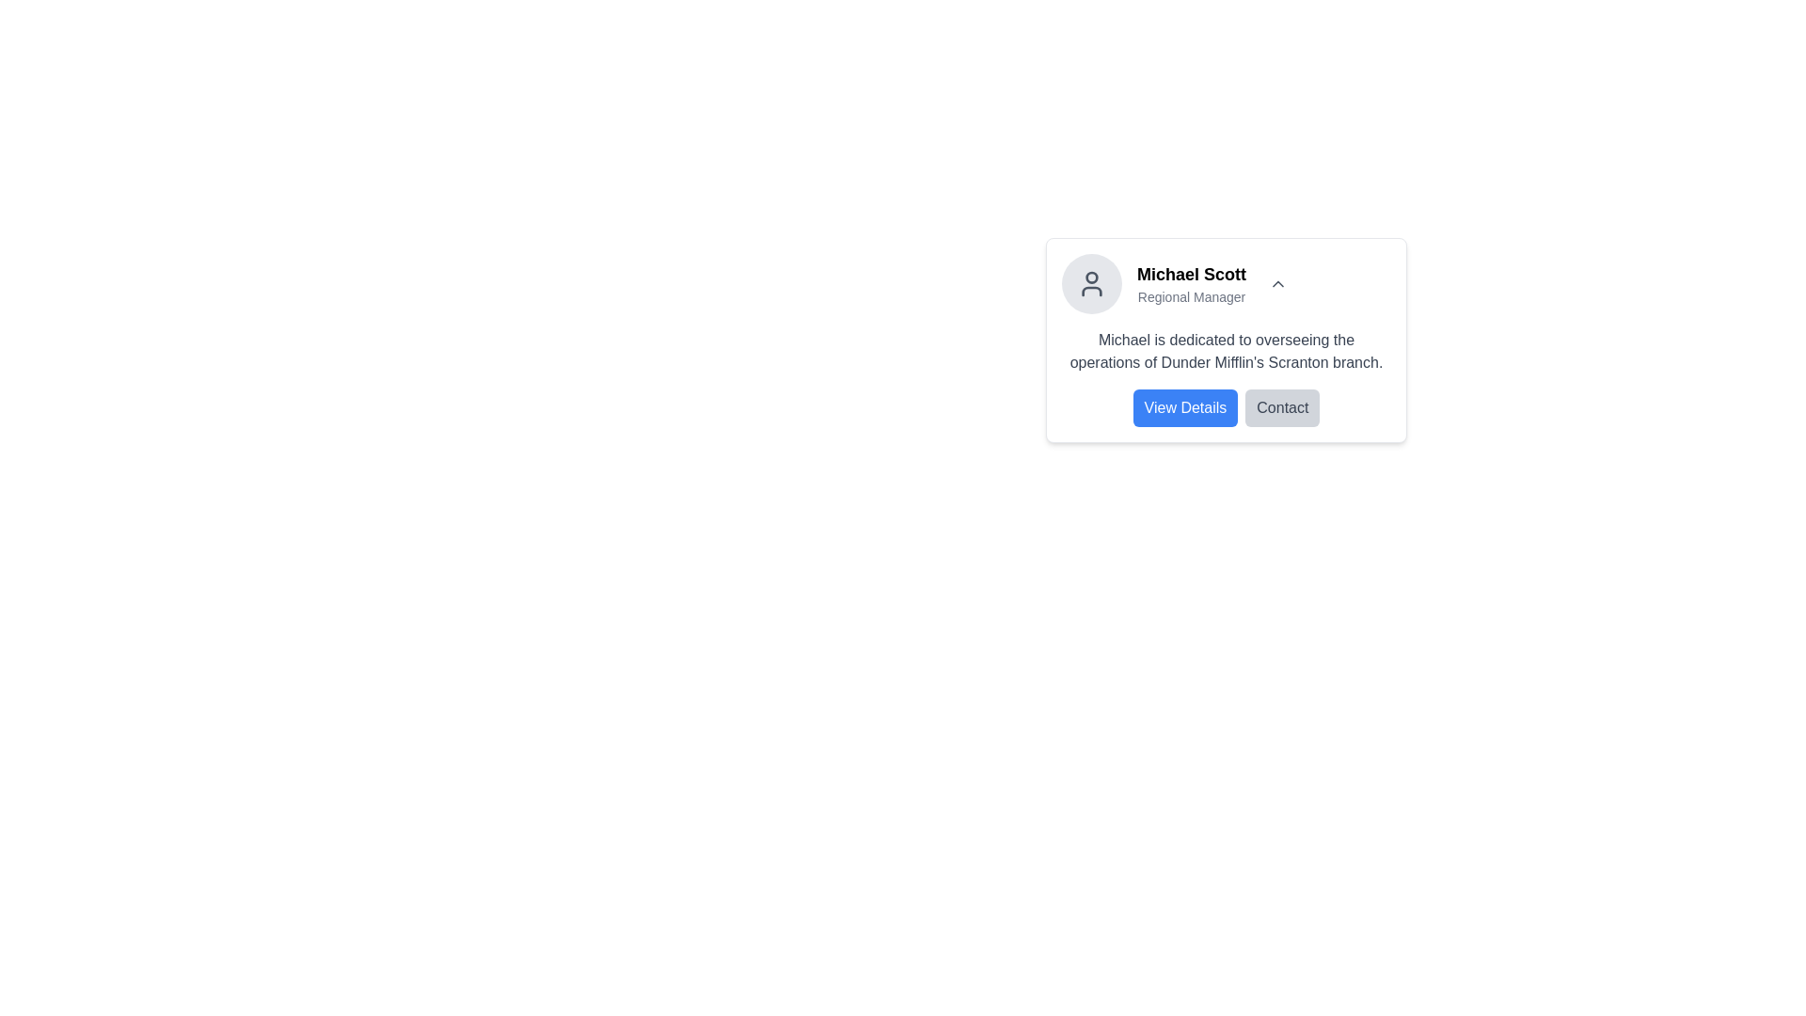 This screenshot has width=1806, height=1016. Describe the element at coordinates (1191, 296) in the screenshot. I see `subtitle or descriptor text located directly below the text 'Michael Scott' in the UI, which provides additional context about the individual's role or title` at that location.